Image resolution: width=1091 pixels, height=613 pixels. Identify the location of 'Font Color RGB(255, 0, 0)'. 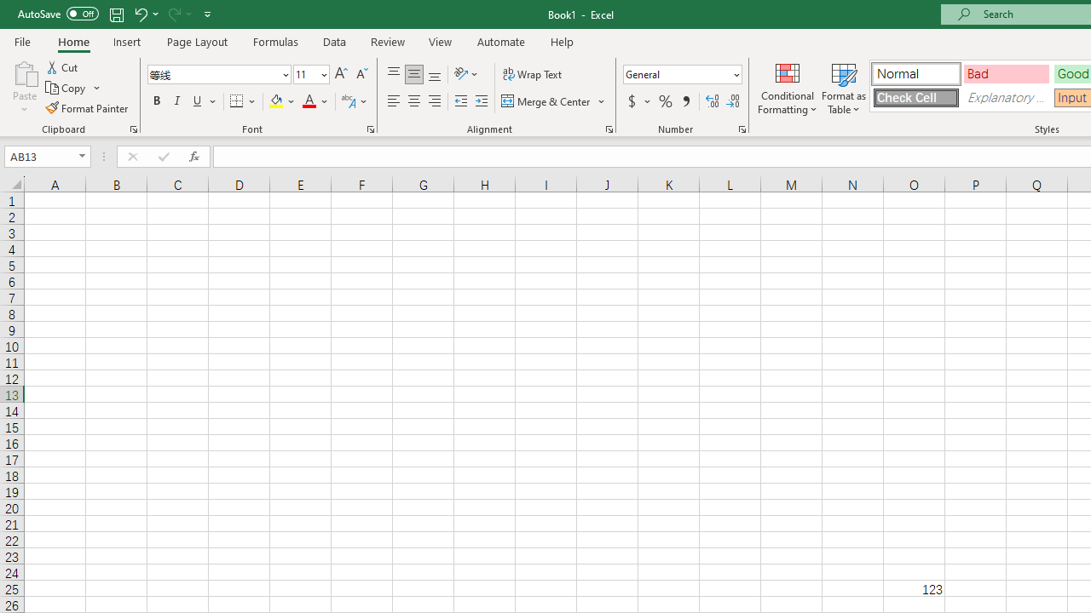
(309, 101).